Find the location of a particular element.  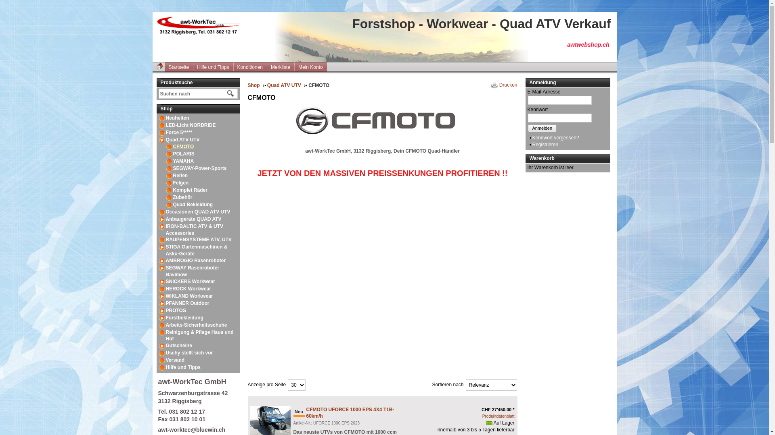

'POLARIS' is located at coordinates (183, 153).